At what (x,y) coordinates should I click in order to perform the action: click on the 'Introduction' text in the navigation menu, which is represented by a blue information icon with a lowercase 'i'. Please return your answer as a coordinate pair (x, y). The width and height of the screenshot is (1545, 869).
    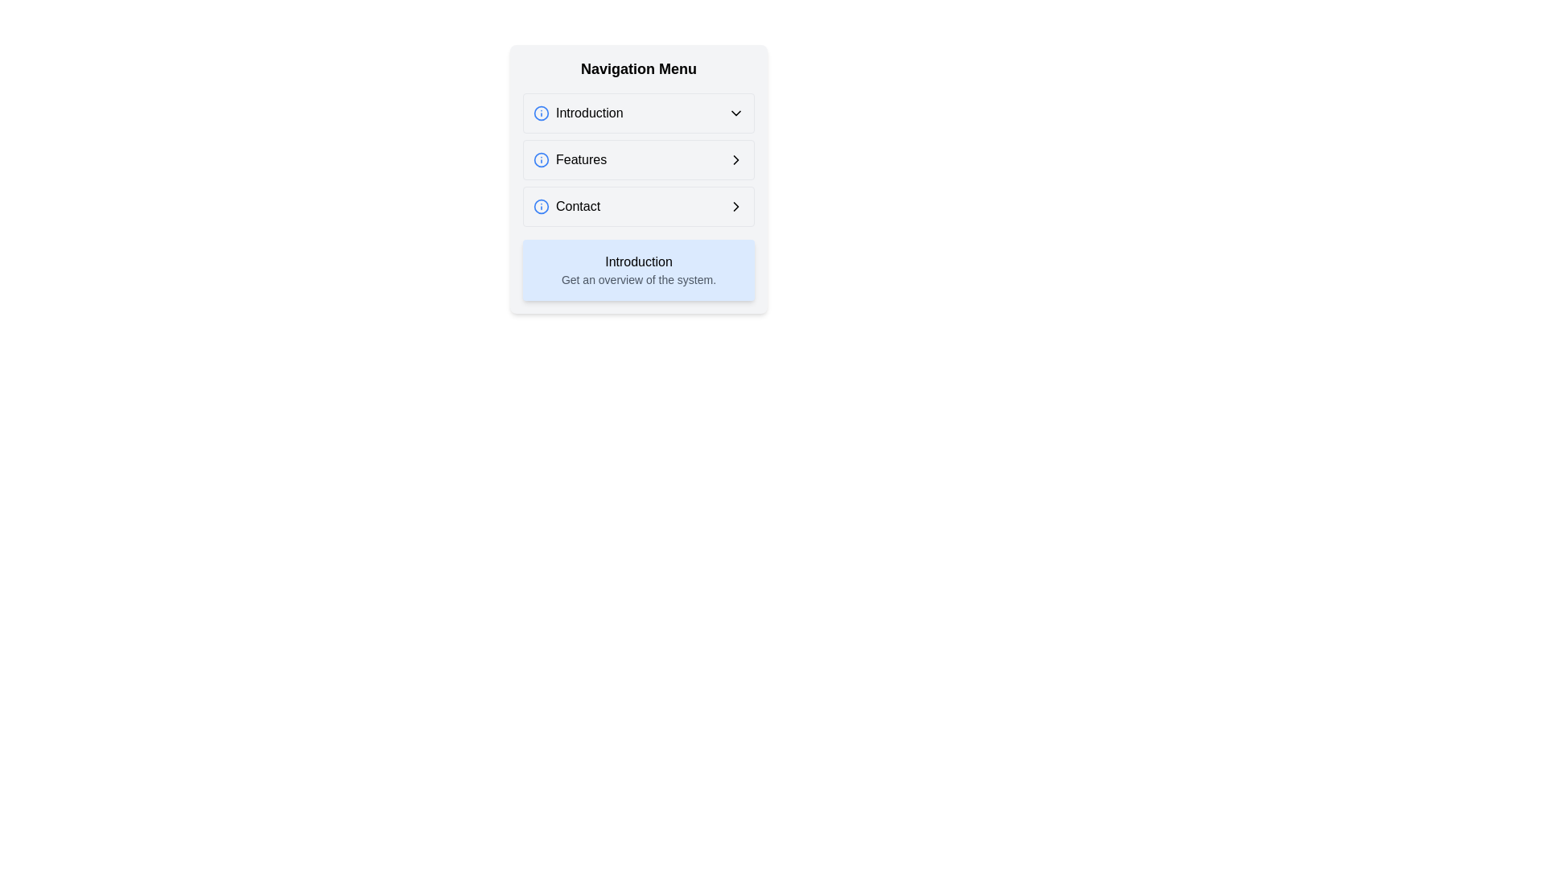
    Looking at the image, I should click on (578, 113).